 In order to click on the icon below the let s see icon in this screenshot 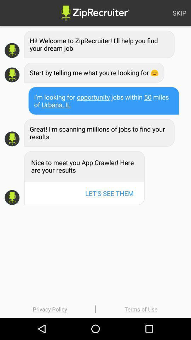, I will do `click(141, 309)`.